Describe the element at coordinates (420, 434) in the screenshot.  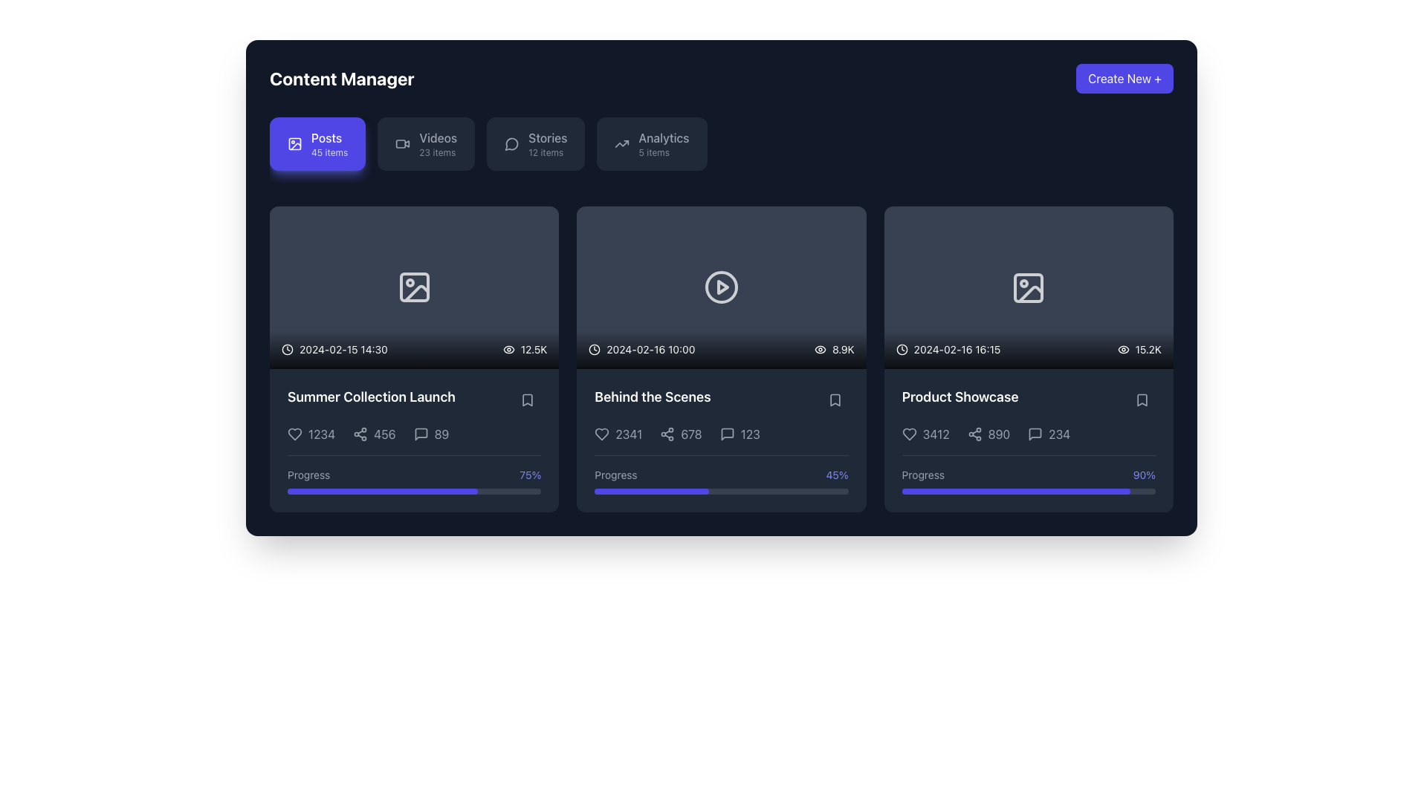
I see `the SVG icon resembling a speech bubble located within the 'Summer Collection Launch' UI card, which is positioned near the bottom center and precedes the comment count` at that location.